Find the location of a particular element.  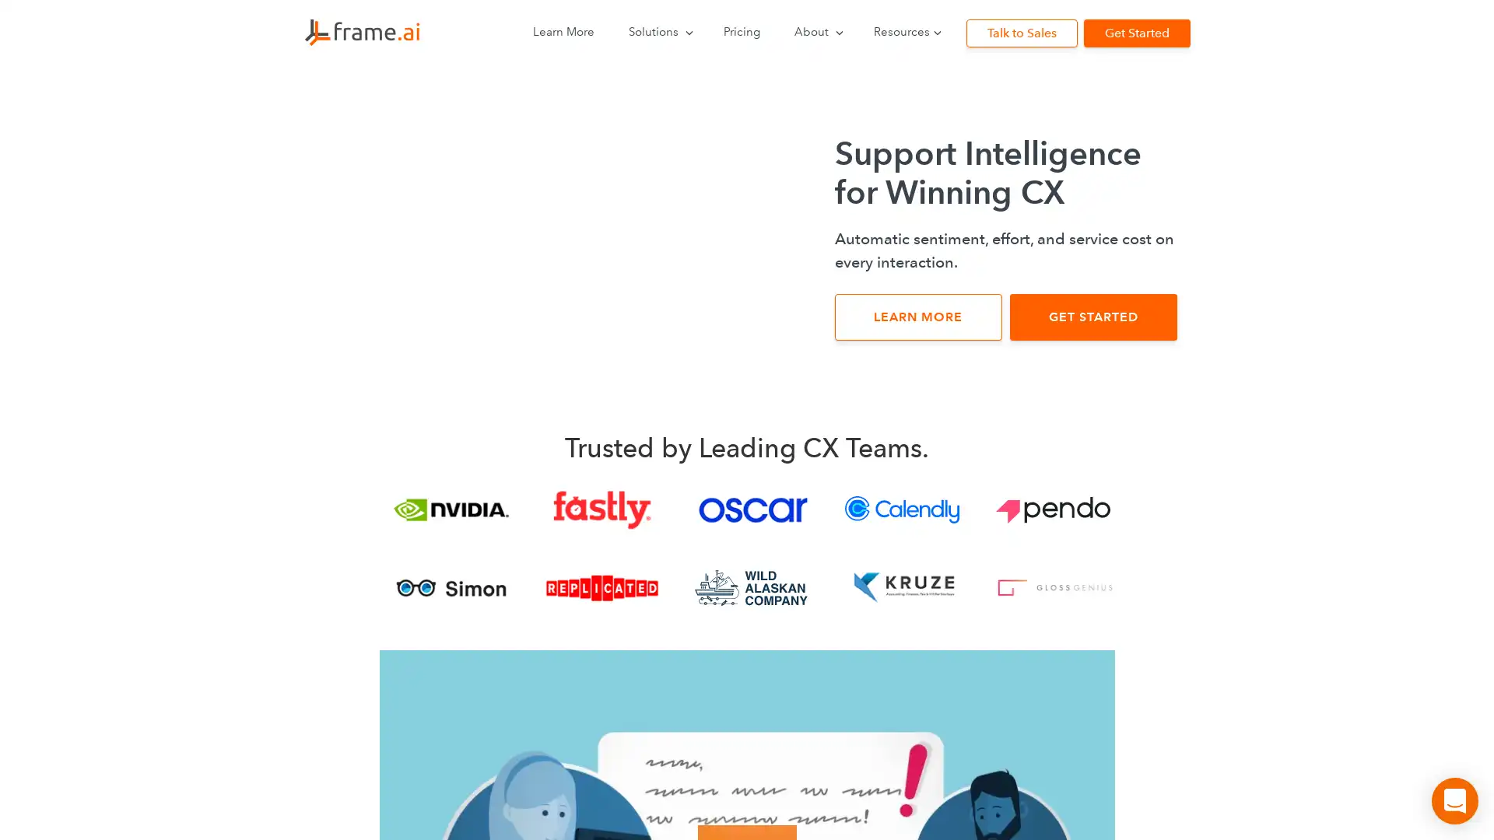

LEARN MORE is located at coordinates (917, 317).